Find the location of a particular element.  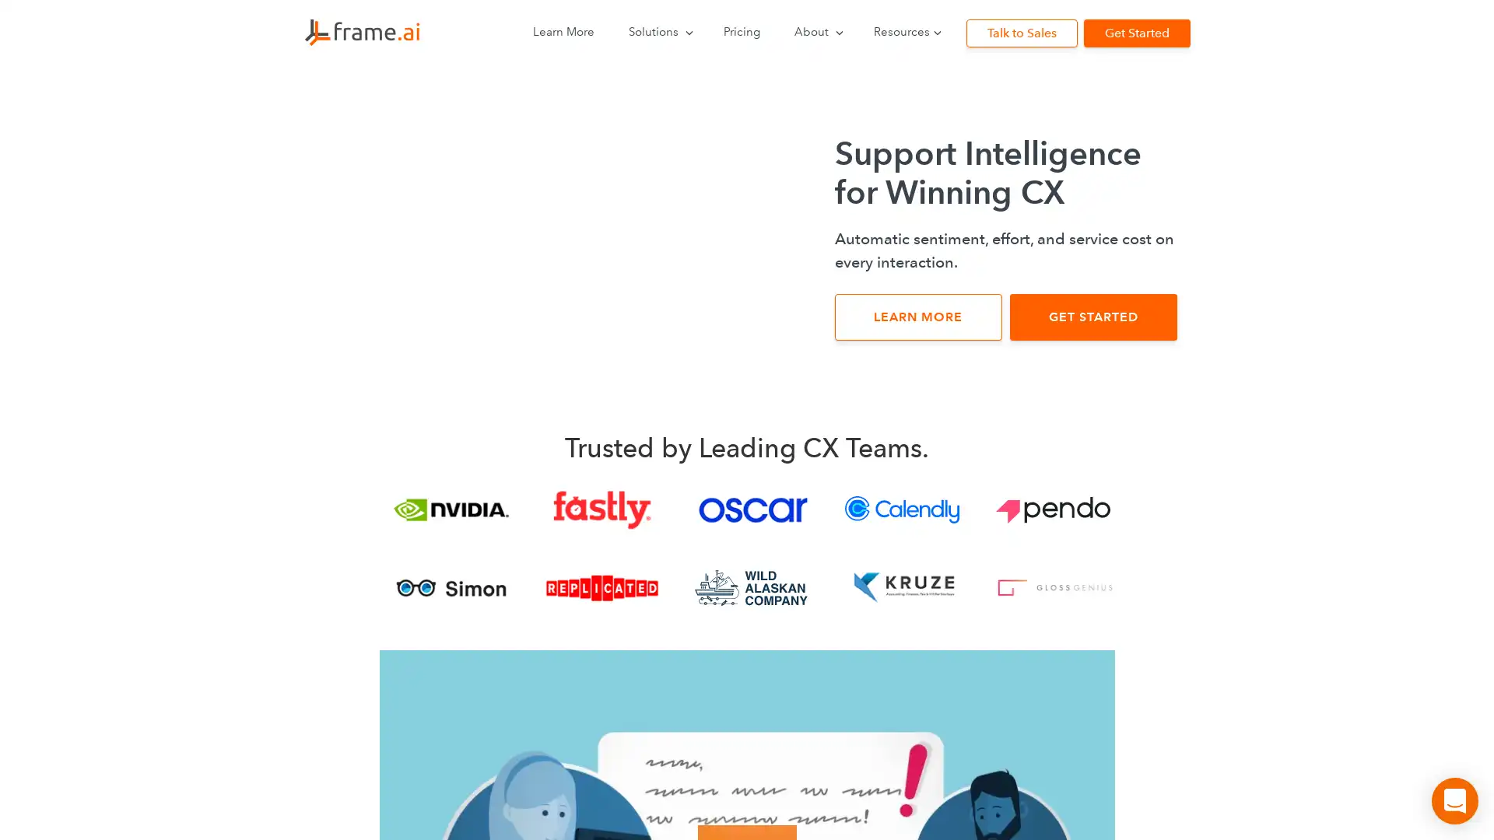

LEARN MORE is located at coordinates (917, 317).